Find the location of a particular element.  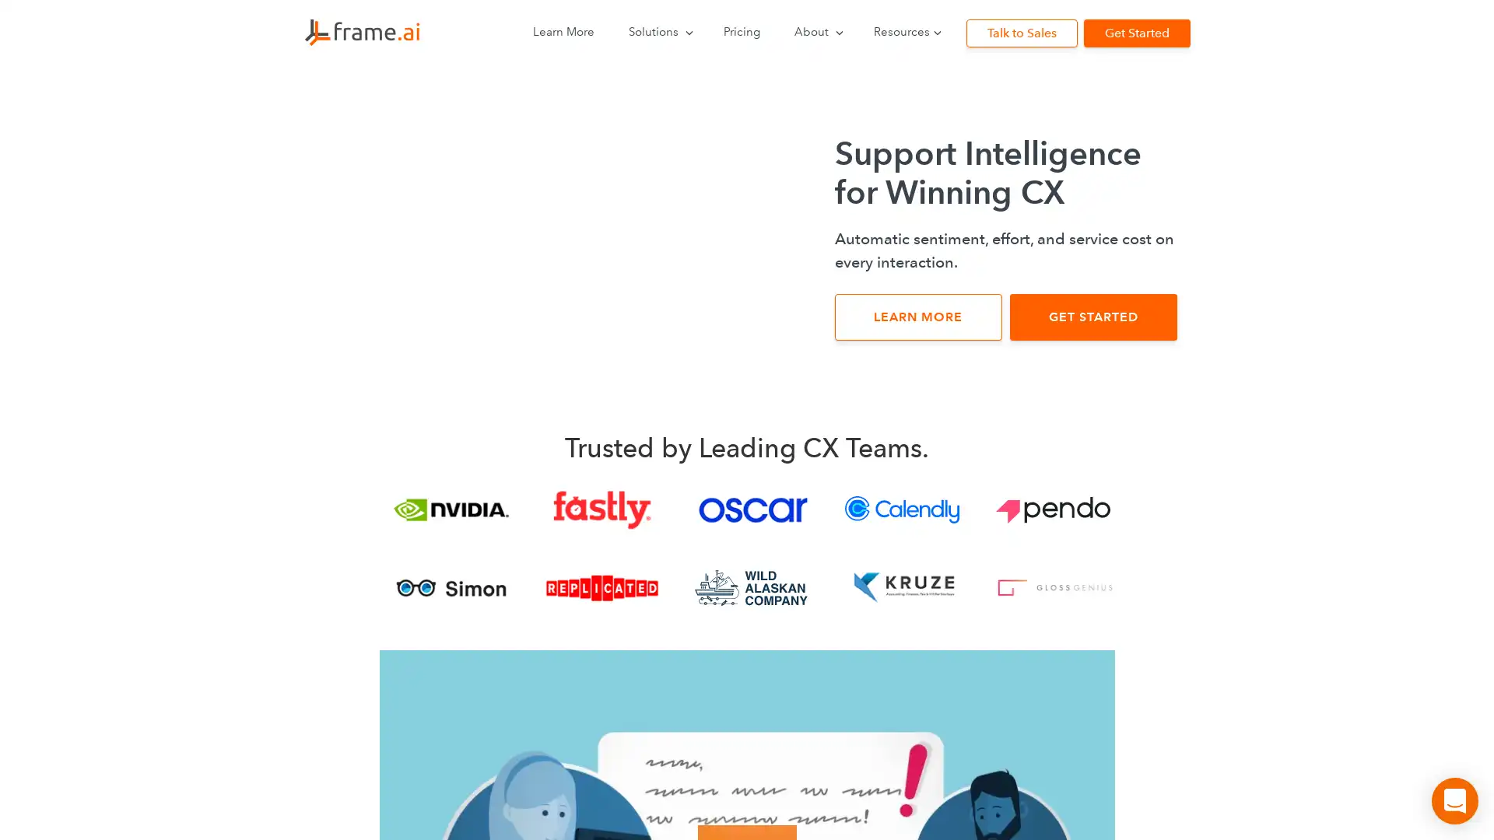

LEARN MORE is located at coordinates (917, 317).